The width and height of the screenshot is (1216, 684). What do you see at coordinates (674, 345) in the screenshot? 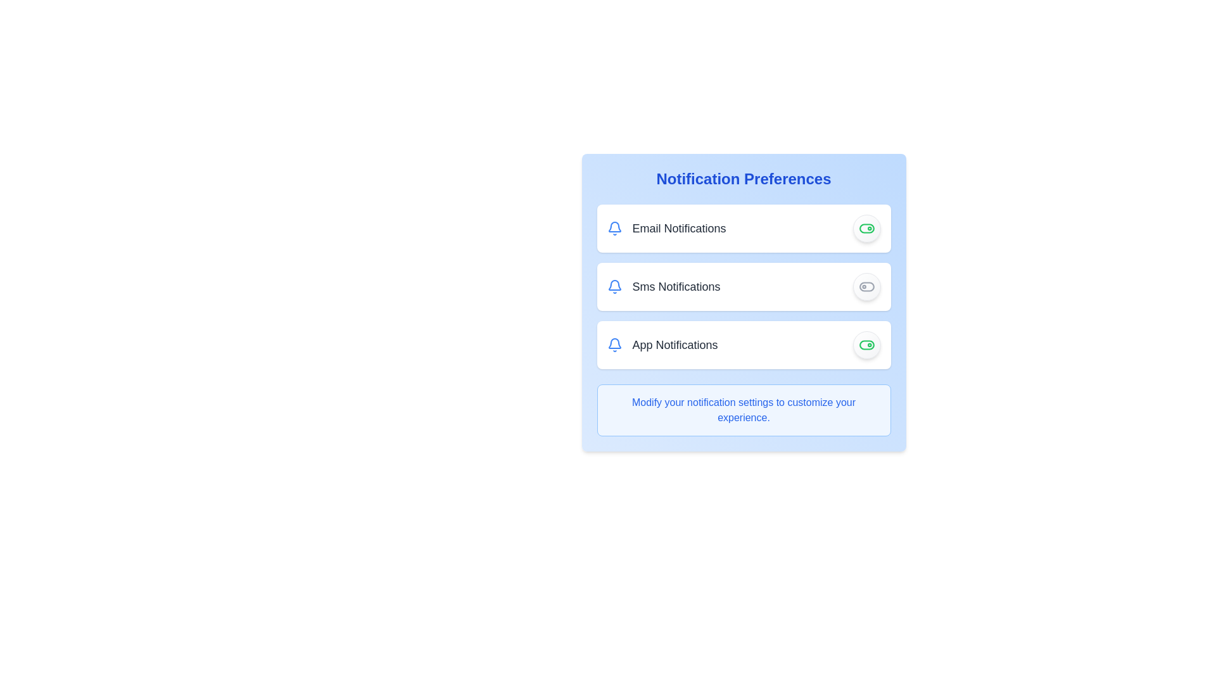
I see `the third label in the notification preferences panel that indicates app-related notifications, positioned below 'Sms Notifications'` at bounding box center [674, 345].